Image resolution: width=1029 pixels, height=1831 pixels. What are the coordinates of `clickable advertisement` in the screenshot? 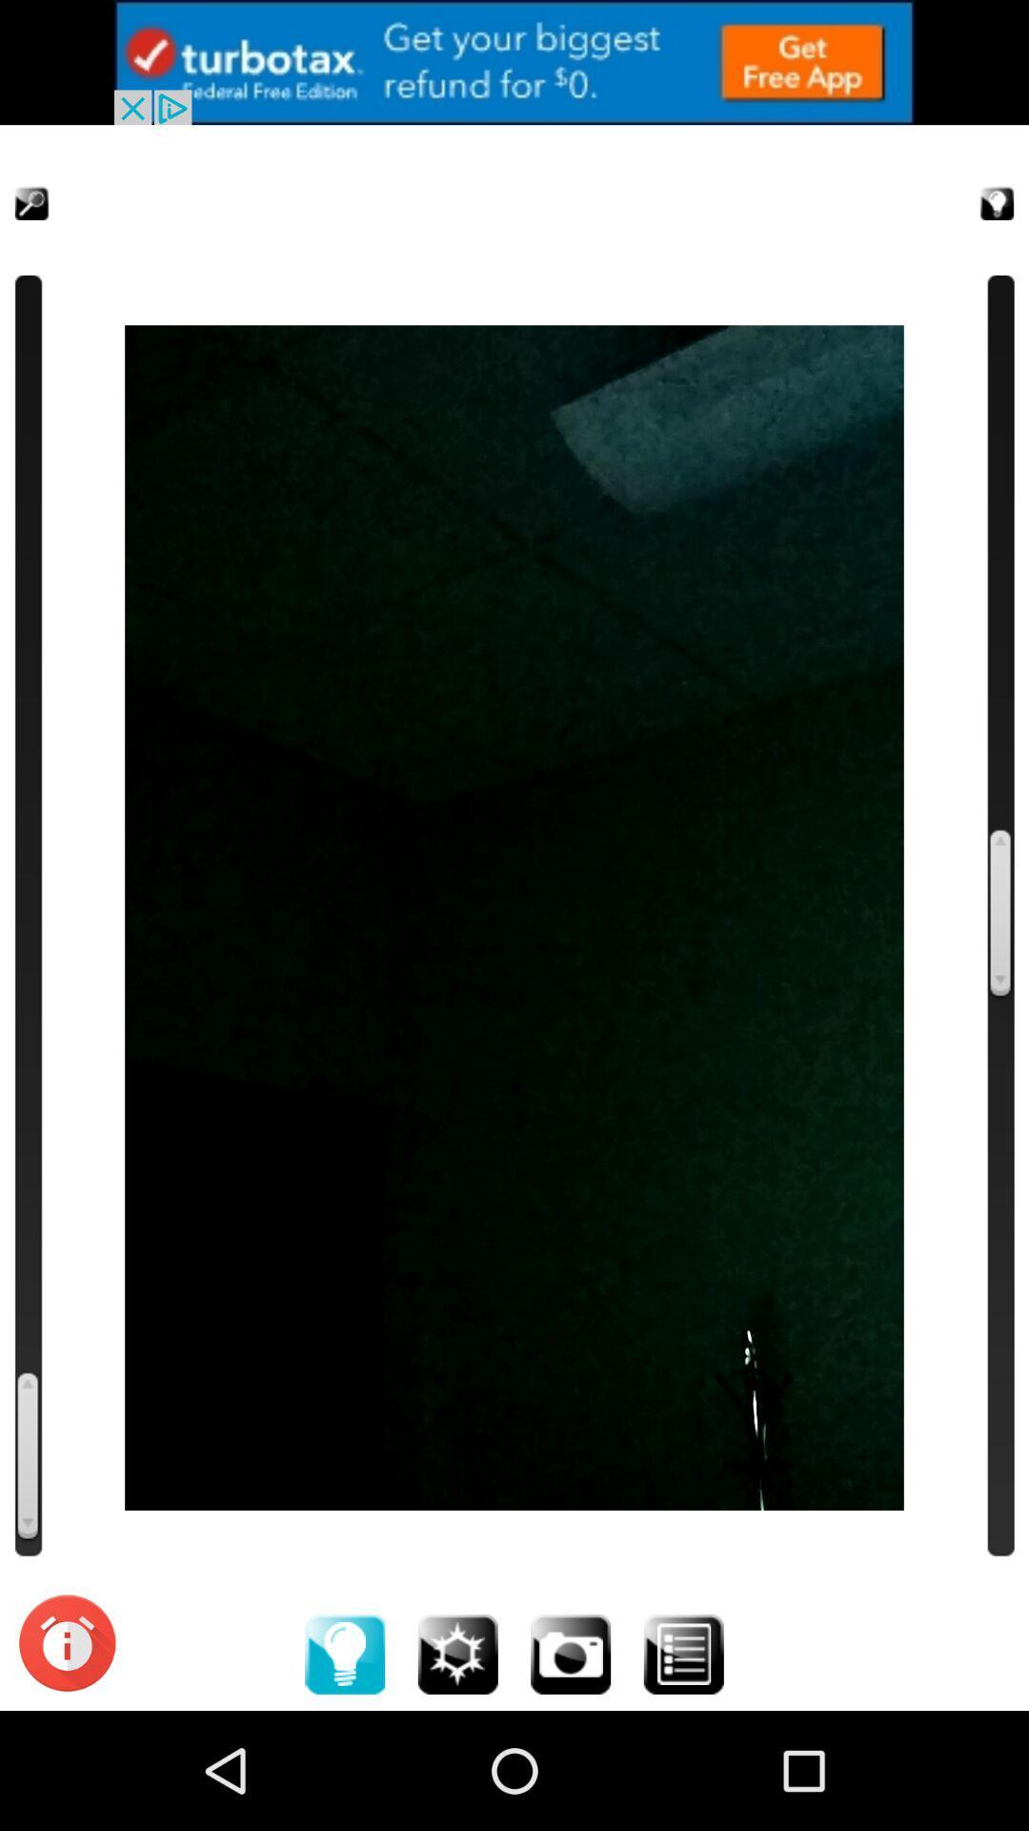 It's located at (514, 62).